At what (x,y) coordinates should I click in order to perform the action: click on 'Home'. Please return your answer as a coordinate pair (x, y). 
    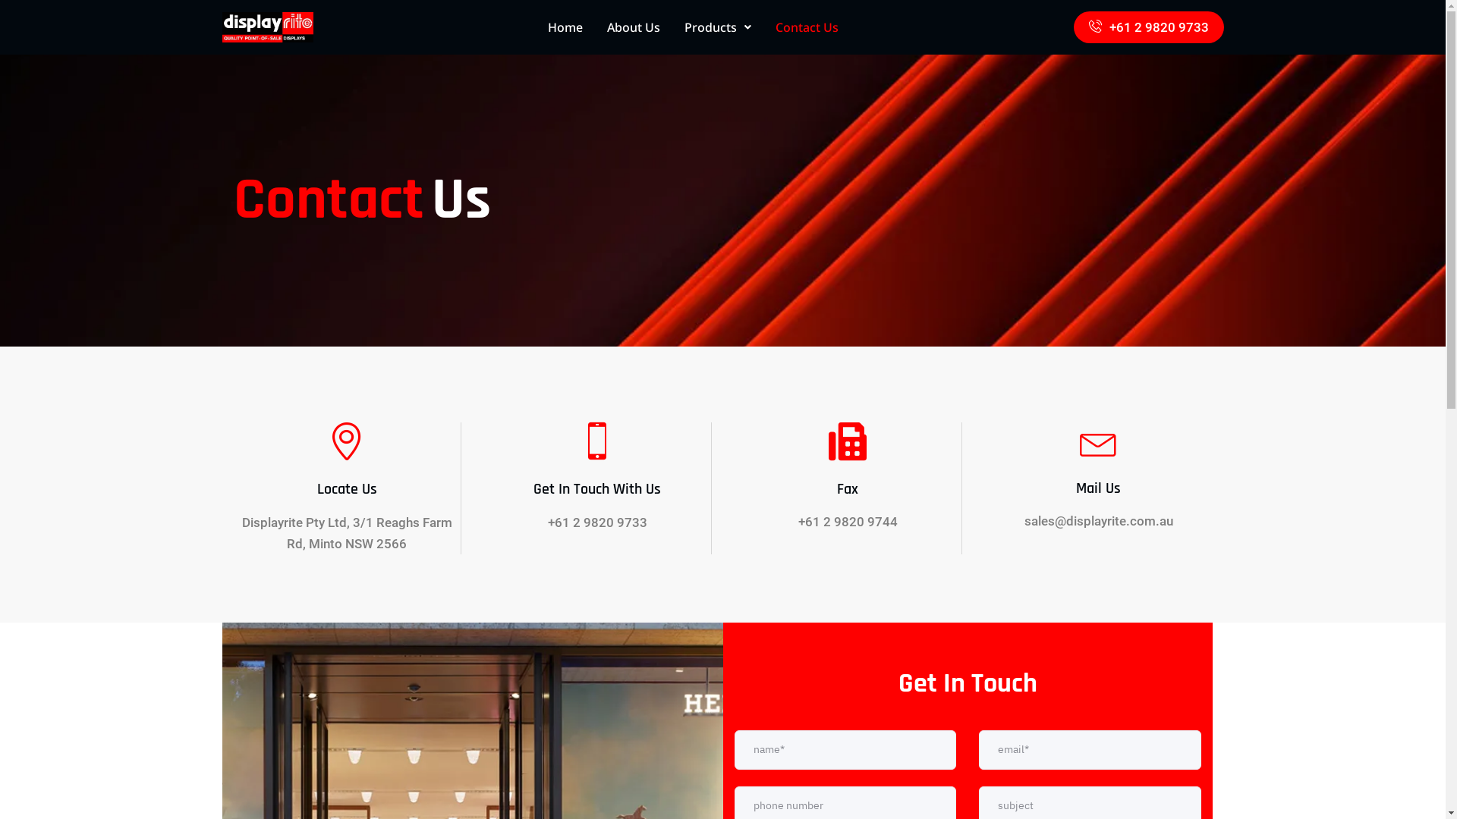
    Looking at the image, I should click on (564, 27).